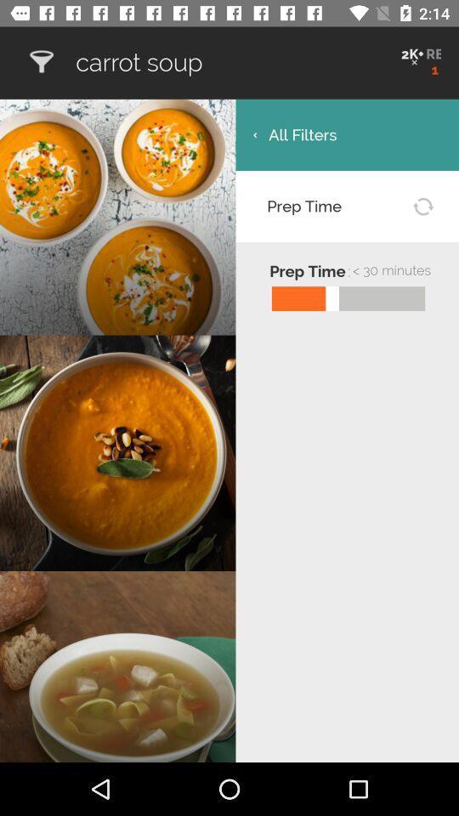  I want to click on the refresh icon, so click(422, 205).